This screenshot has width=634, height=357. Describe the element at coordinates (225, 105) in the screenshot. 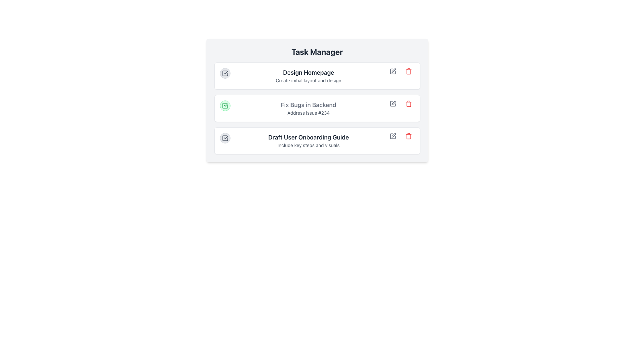

I see `the green circular UI icon with a checkmark inside a square, located in the middle item of a vertical list of tasks` at that location.